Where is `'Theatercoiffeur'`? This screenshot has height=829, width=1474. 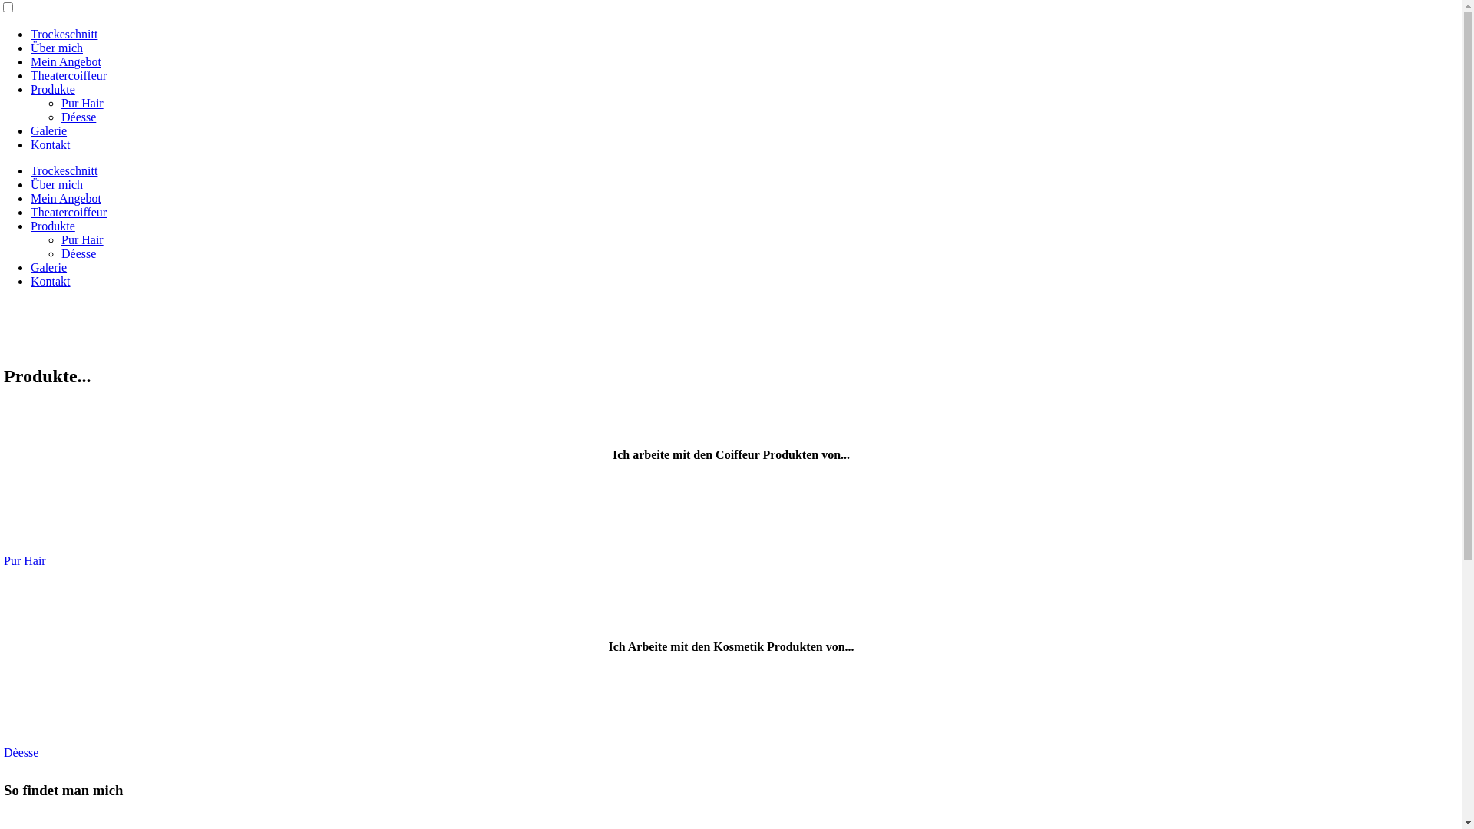 'Theatercoiffeur' is located at coordinates (68, 212).